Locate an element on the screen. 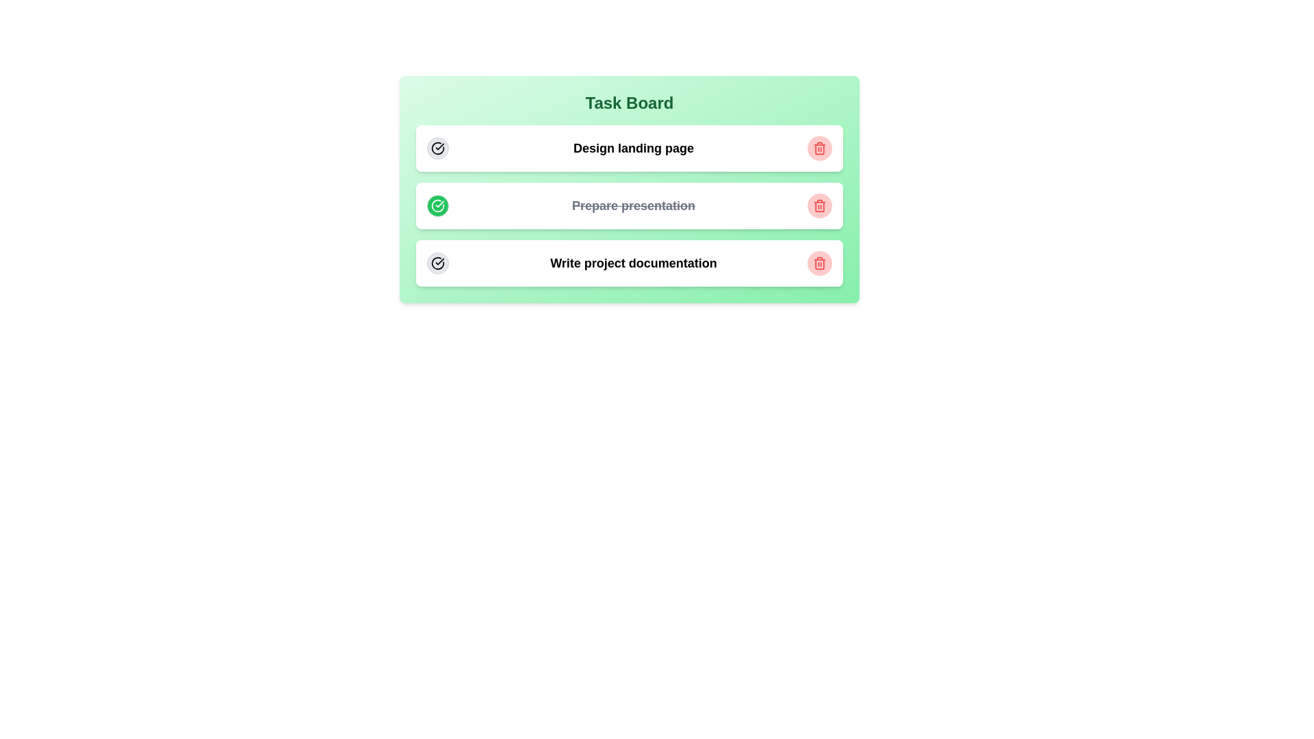 The image size is (1314, 739). completion button for the task titled 'Design landing page' is located at coordinates (437, 148).